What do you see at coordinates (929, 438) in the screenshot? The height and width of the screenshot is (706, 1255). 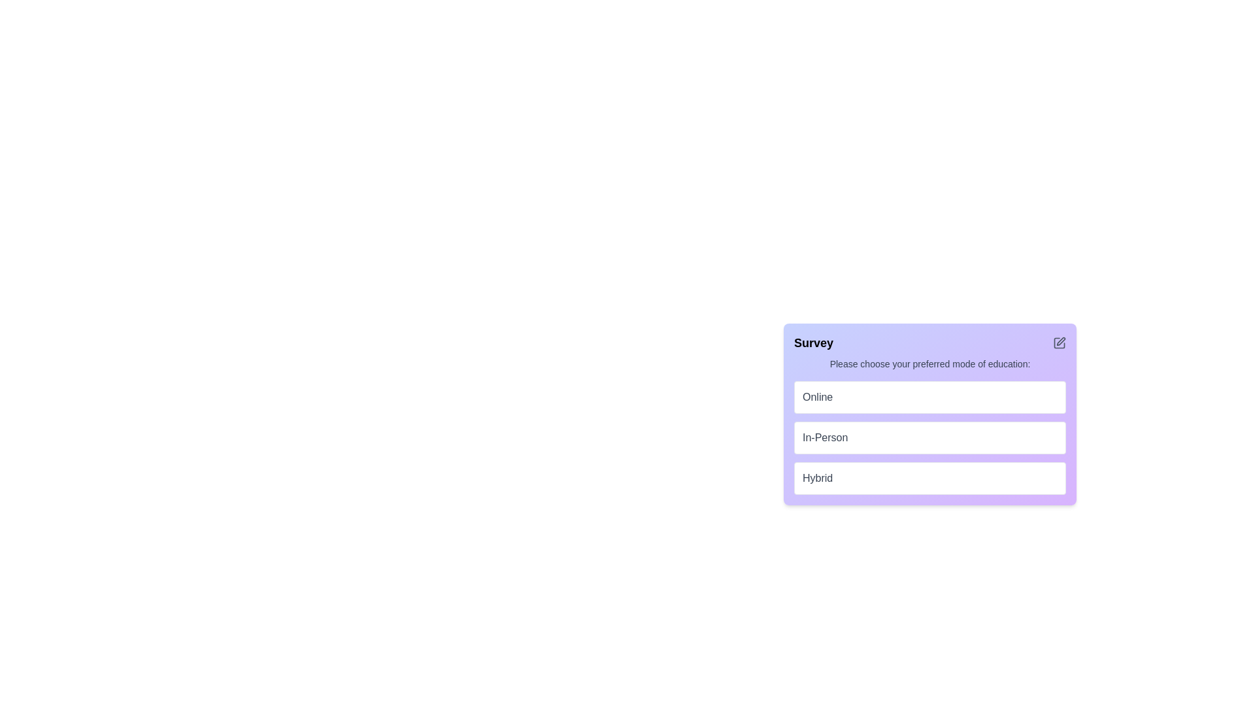 I see `the second button in the vertical list of three interactive choice buttons labeled 'In-Person'` at bounding box center [929, 438].